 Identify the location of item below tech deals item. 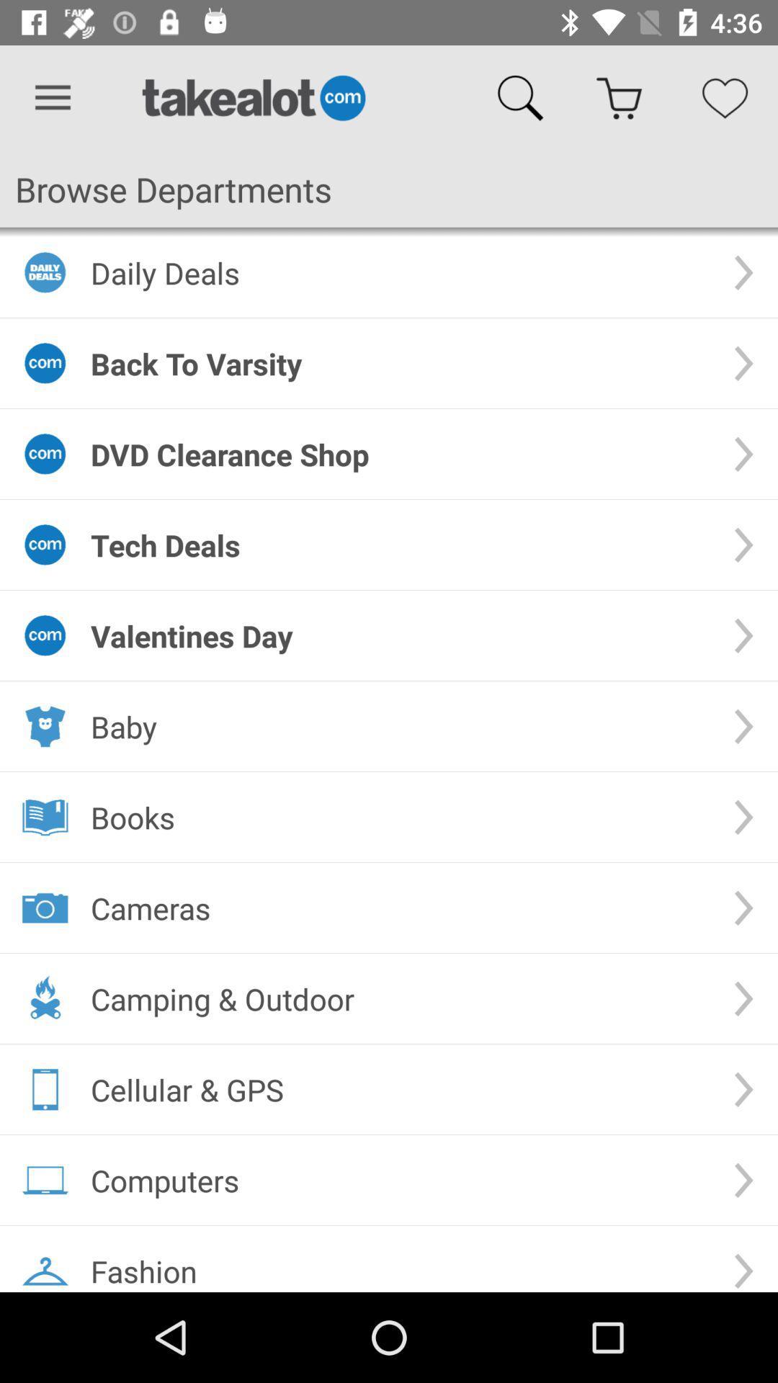
(400, 635).